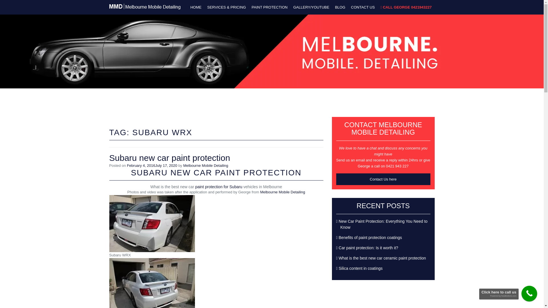 The width and height of the screenshot is (548, 308). Describe the element at coordinates (226, 7) in the screenshot. I see `'SERVICES & PRICING'` at that location.